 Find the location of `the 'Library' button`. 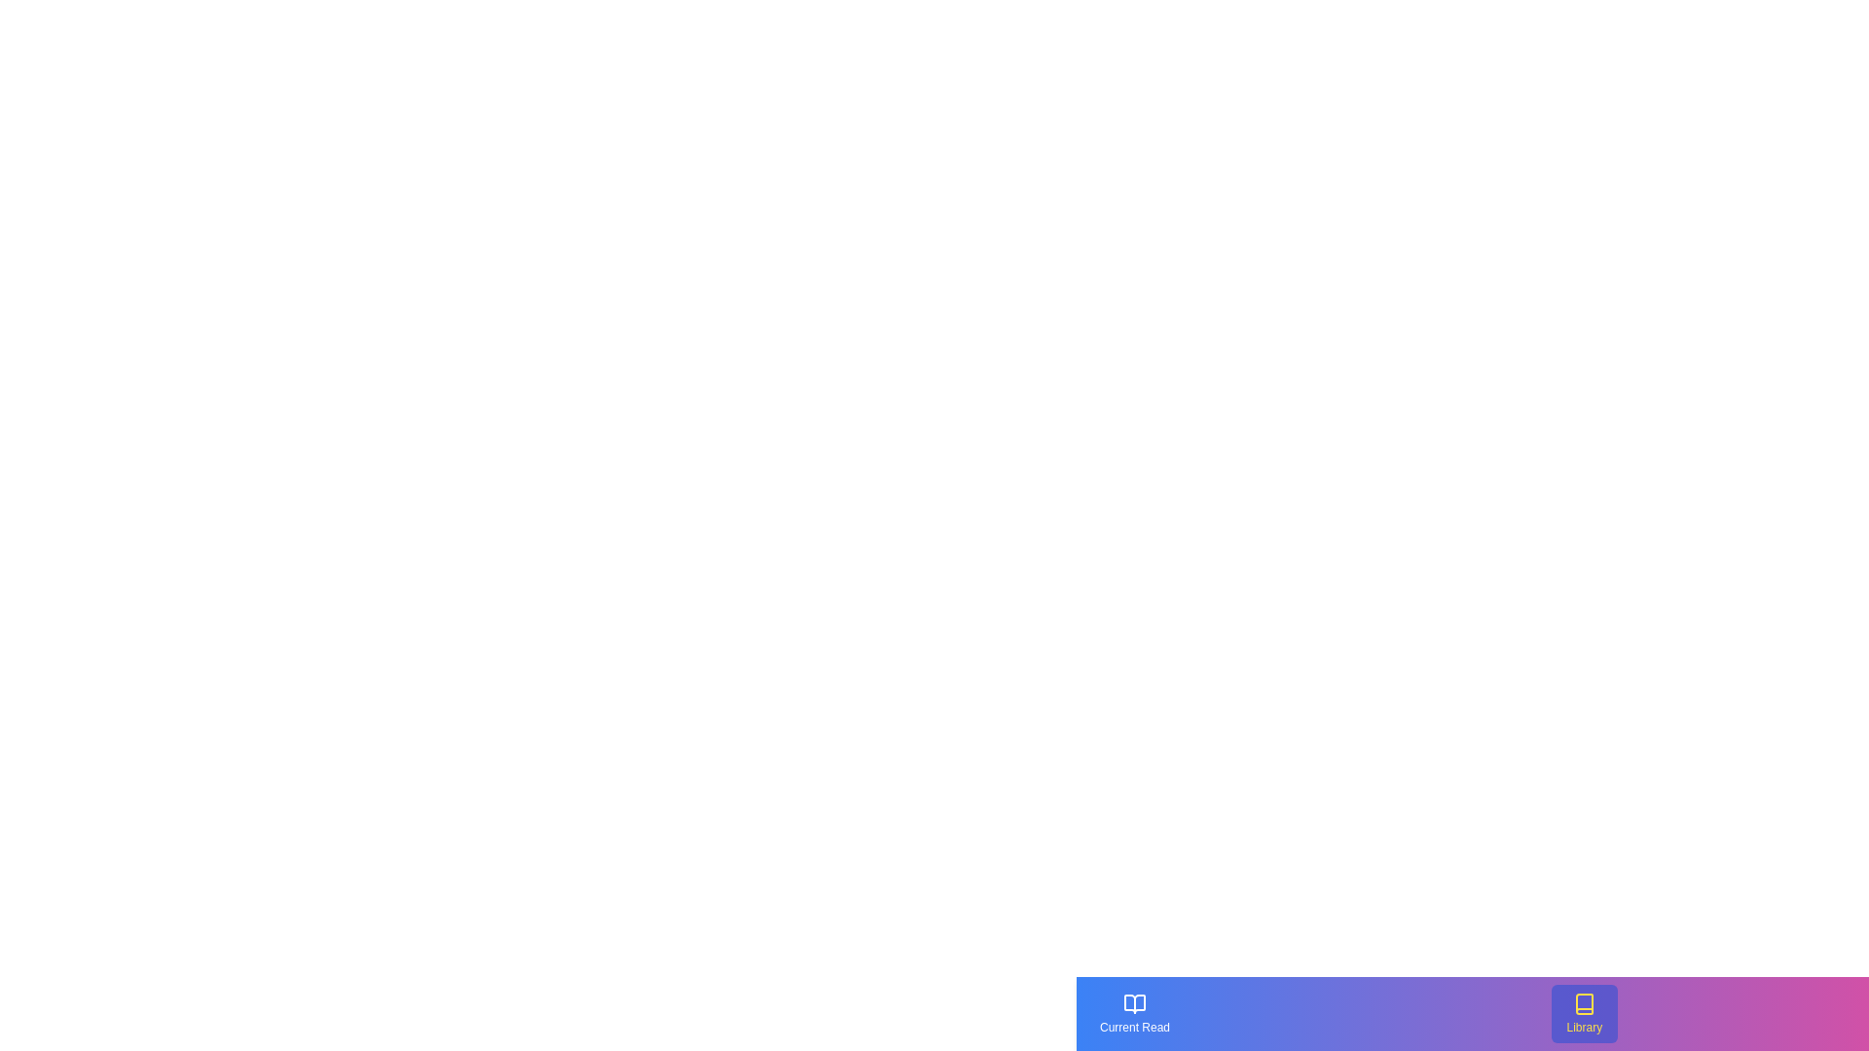

the 'Library' button is located at coordinates (1584, 1012).